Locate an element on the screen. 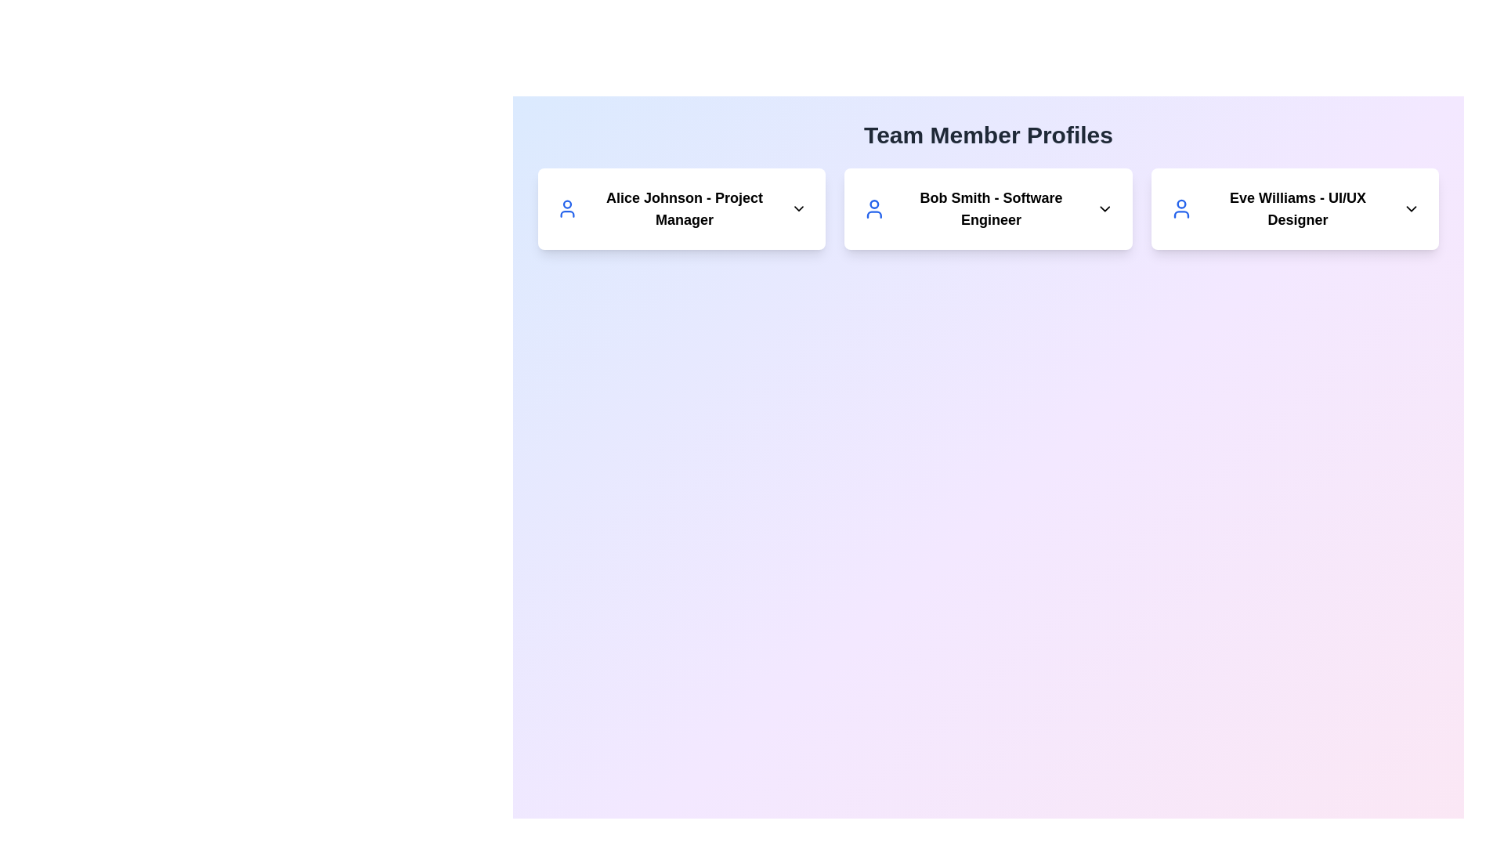  the text label displaying 'Alice Johnson - Project Manager' which includes a user icon on the left and a downward chevron on the right, located in the first card of the 'Team Member Profiles' section is located at coordinates (681, 208).